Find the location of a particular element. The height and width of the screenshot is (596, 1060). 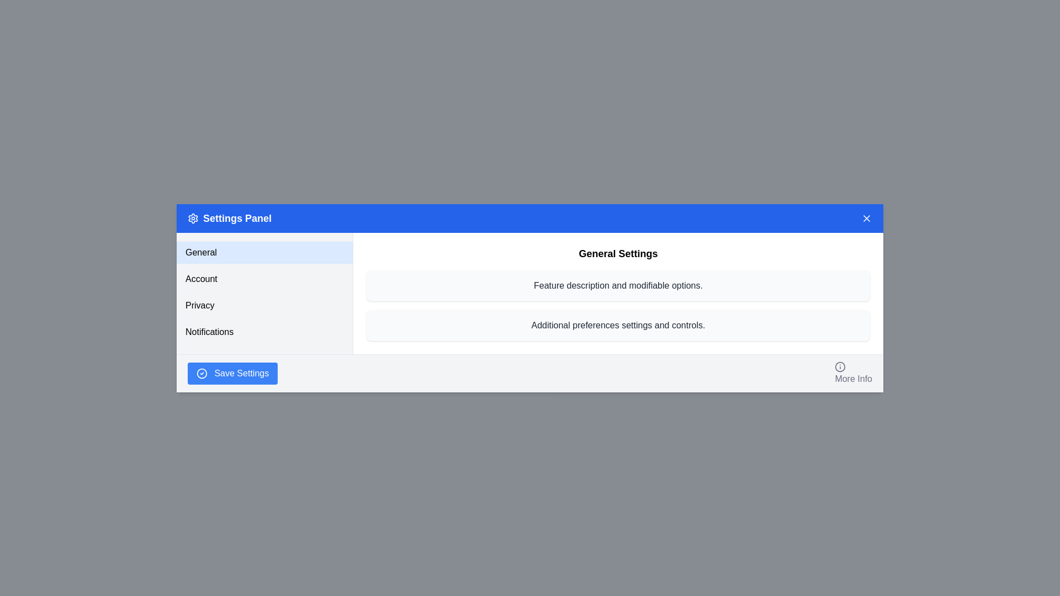

the close icon represented by an 'X' symbol on the top-right corner of the 'Settings Panel' is located at coordinates (866, 218).